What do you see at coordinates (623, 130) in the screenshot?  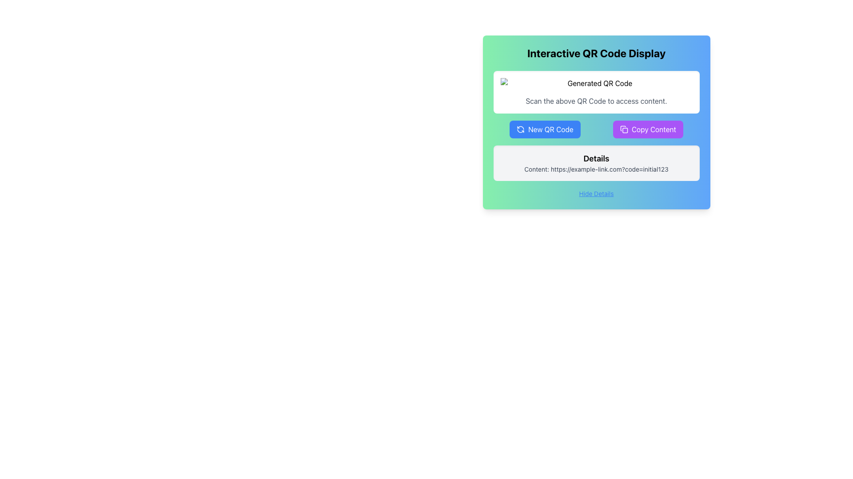 I see `the 'Copy Content' button which contains the copy icon, located to the right of the 'New QR Code' button and positioned in the lower section of the main interface` at bounding box center [623, 130].